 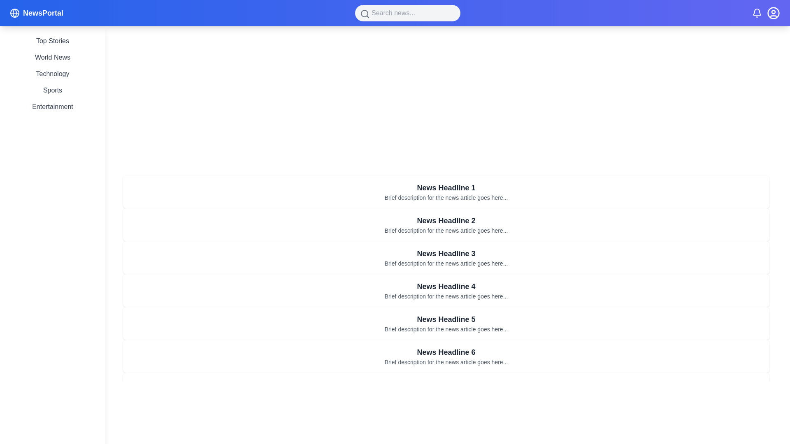 I want to click on the headline text label of the fifth news card, which is positioned at the center horizontally and above a smaller descriptive text, so click(x=446, y=319).